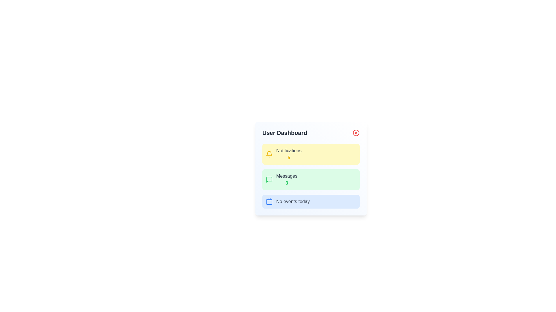  Describe the element at coordinates (356, 133) in the screenshot. I see `the red circular button with a white 'X' icon, located` at that location.